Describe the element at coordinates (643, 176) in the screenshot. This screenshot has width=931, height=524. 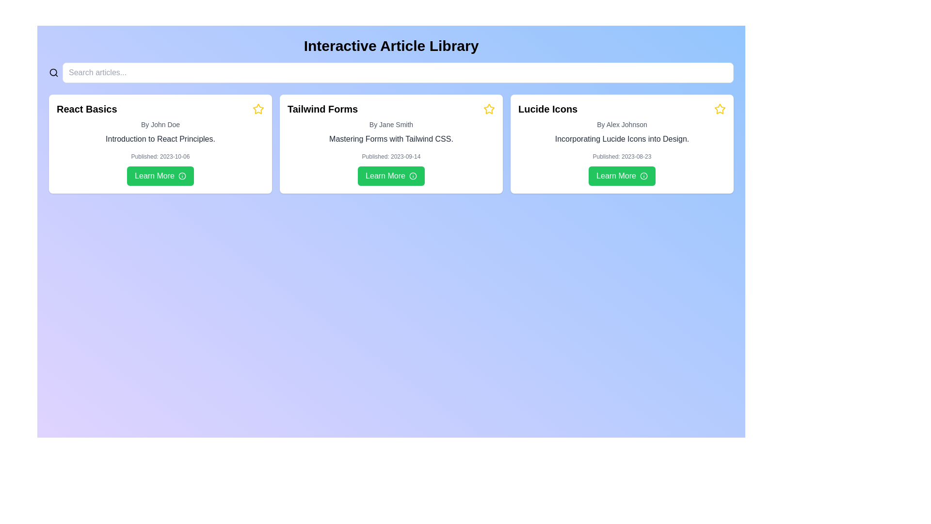
I see `circular graphic element of the SVG icon located within the 'Learn More' button in the 'Lucide Icons' card` at that location.